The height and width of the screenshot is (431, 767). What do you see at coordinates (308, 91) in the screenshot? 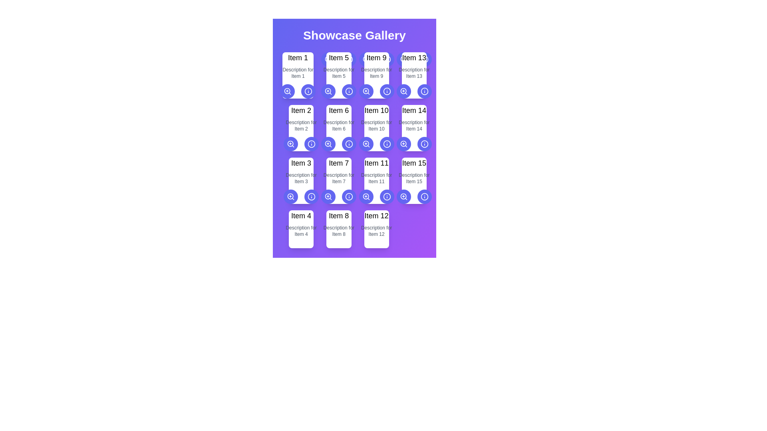
I see `the circular button with a purple background and 'info' symbol` at bounding box center [308, 91].